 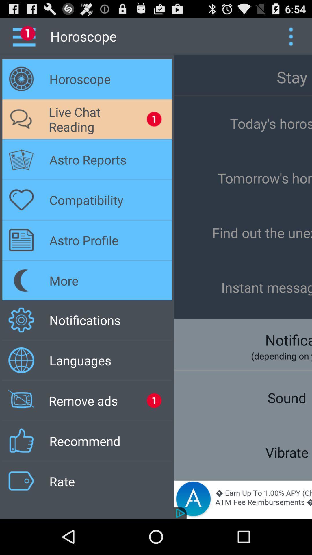 What do you see at coordinates (291, 36) in the screenshot?
I see `option` at bounding box center [291, 36].